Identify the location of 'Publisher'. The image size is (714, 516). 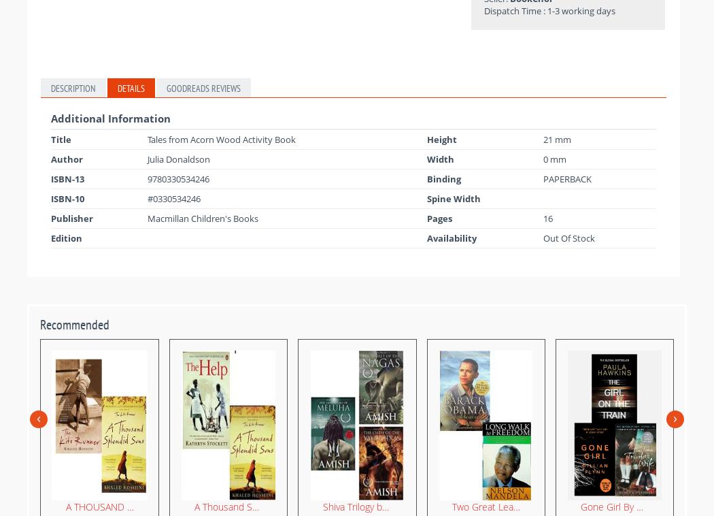
(72, 218).